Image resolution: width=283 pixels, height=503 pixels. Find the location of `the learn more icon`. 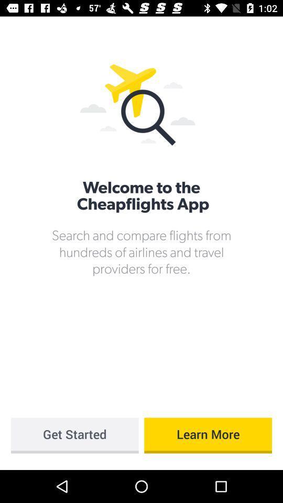

the learn more icon is located at coordinates (208, 435).